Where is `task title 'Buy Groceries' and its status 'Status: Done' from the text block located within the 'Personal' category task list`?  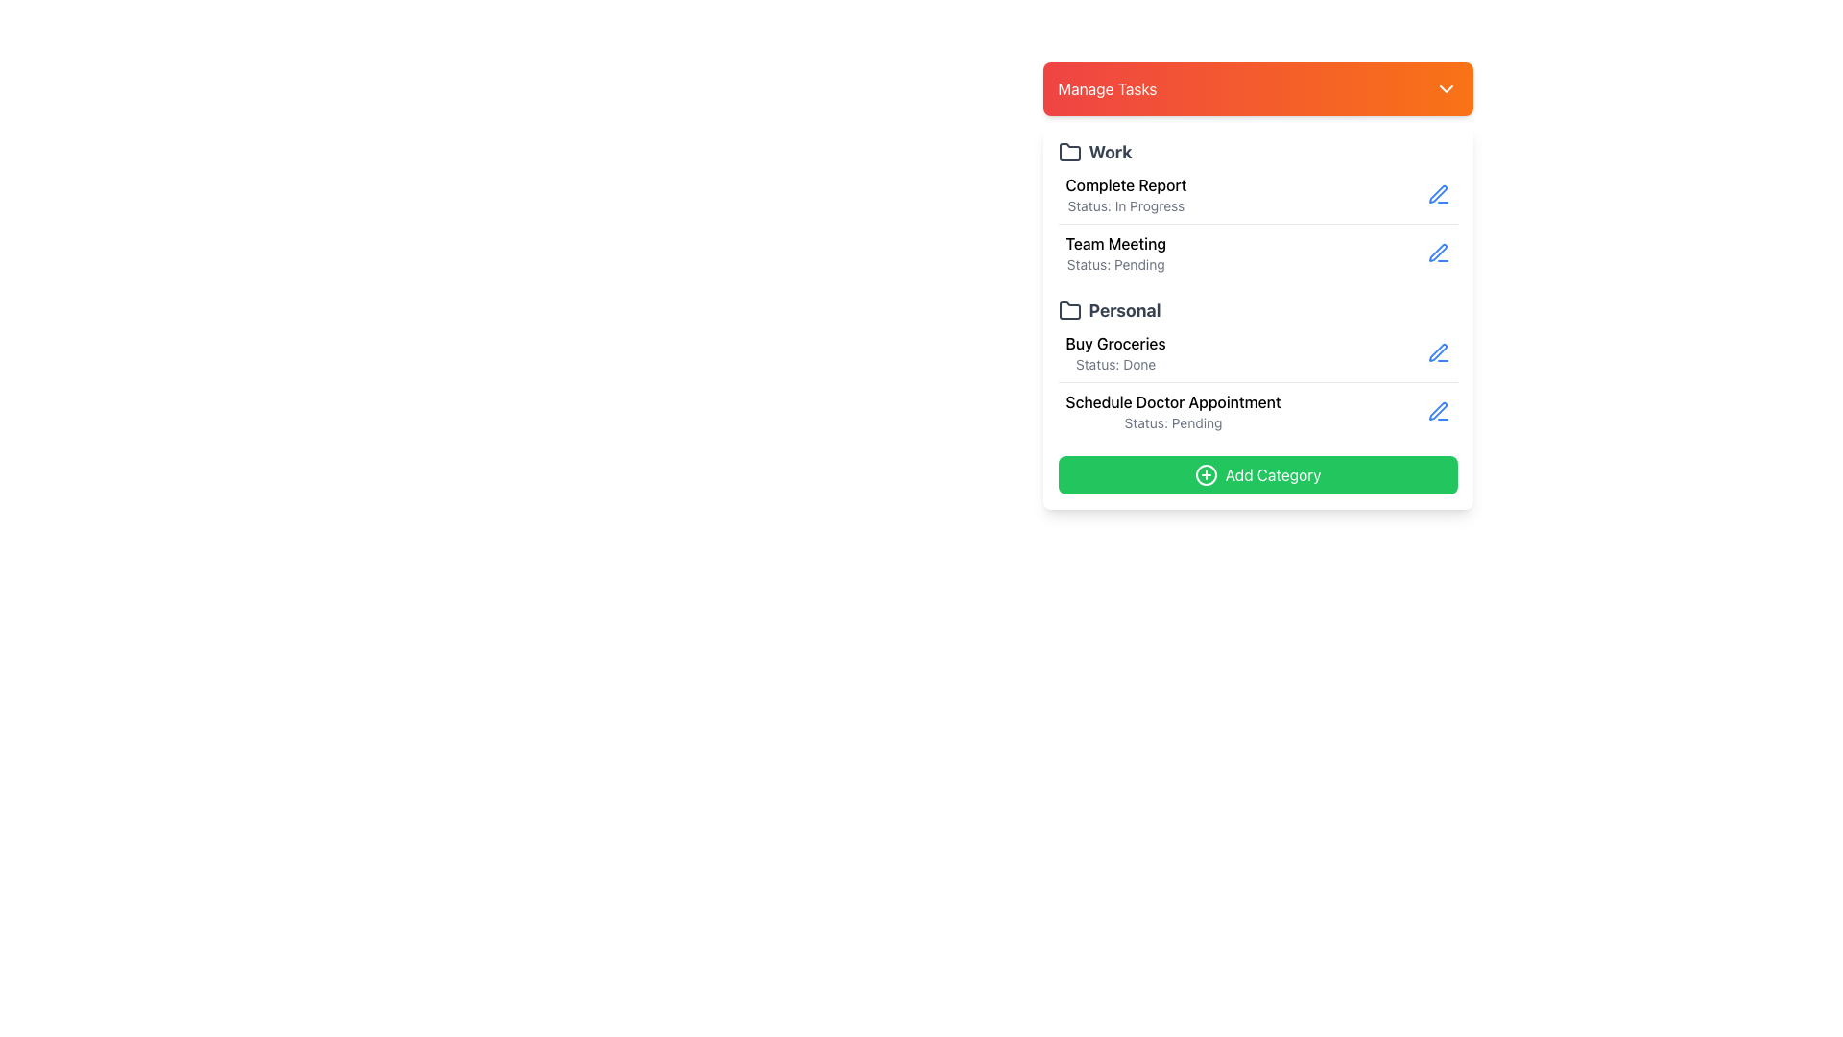 task title 'Buy Groceries' and its status 'Status: Done' from the text block located within the 'Personal' category task list is located at coordinates (1115, 352).